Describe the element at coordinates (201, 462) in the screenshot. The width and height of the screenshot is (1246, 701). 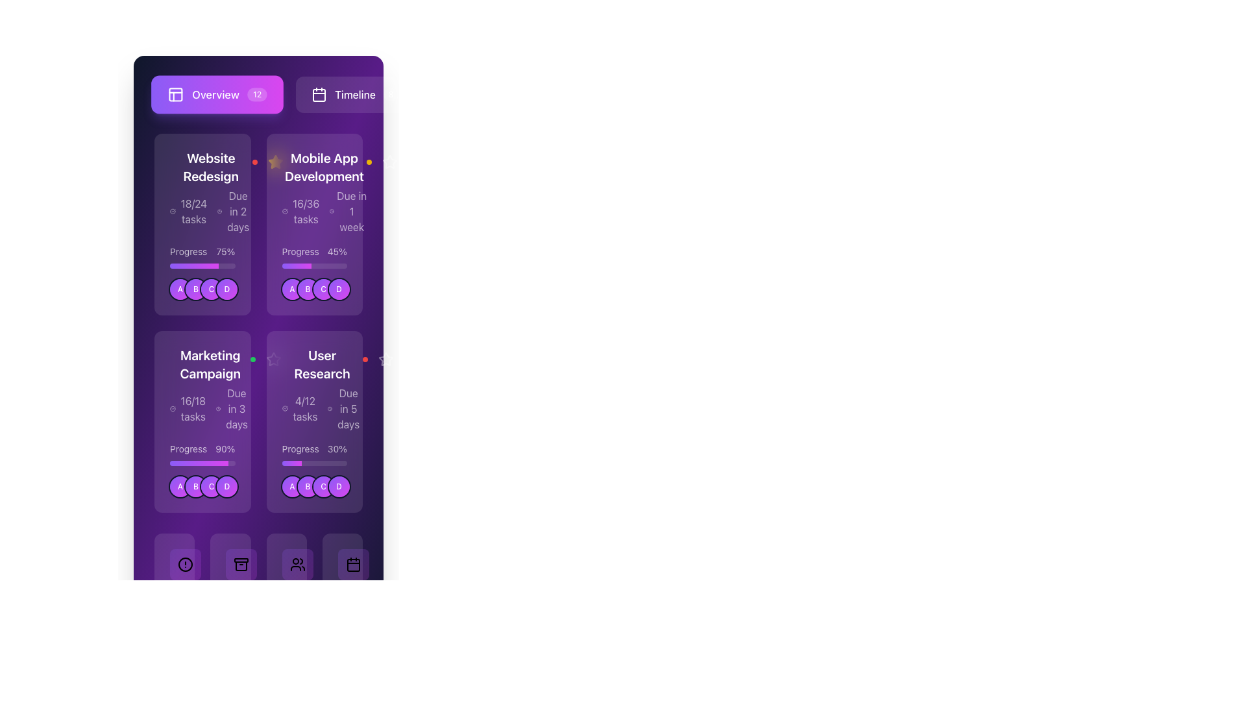
I see `progress bar` at that location.